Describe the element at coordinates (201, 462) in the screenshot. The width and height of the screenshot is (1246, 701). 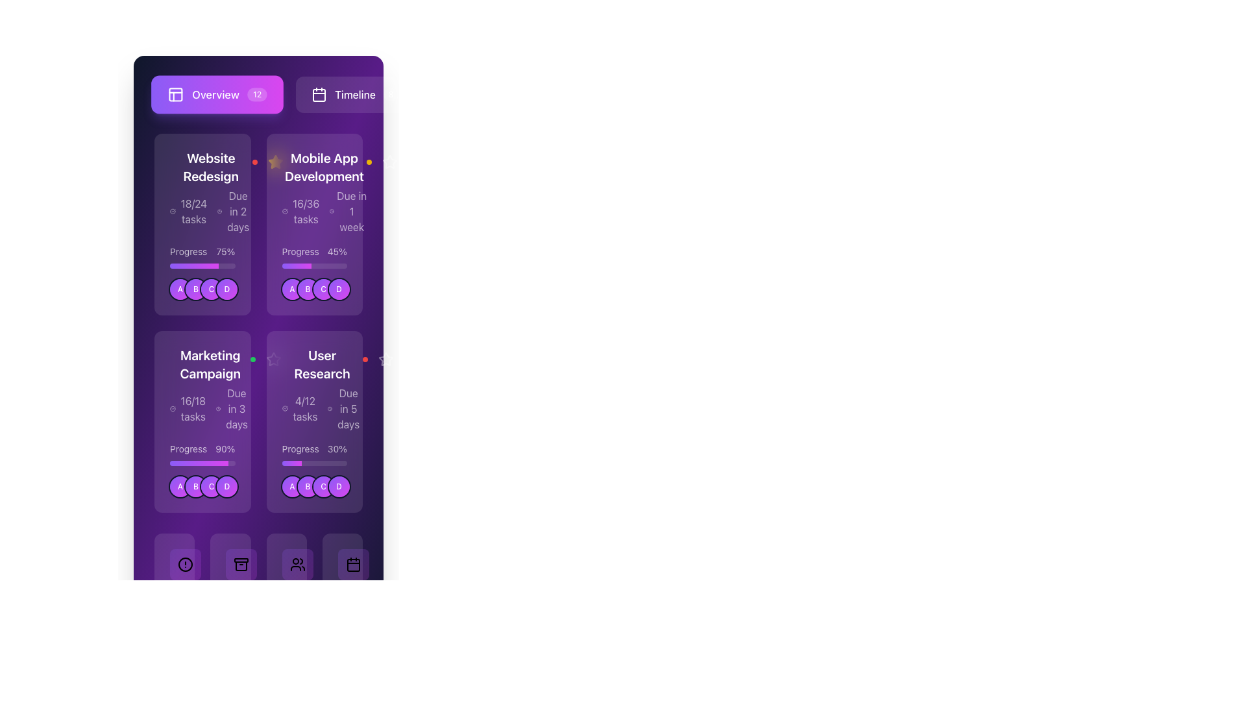
I see `progress bar` at that location.